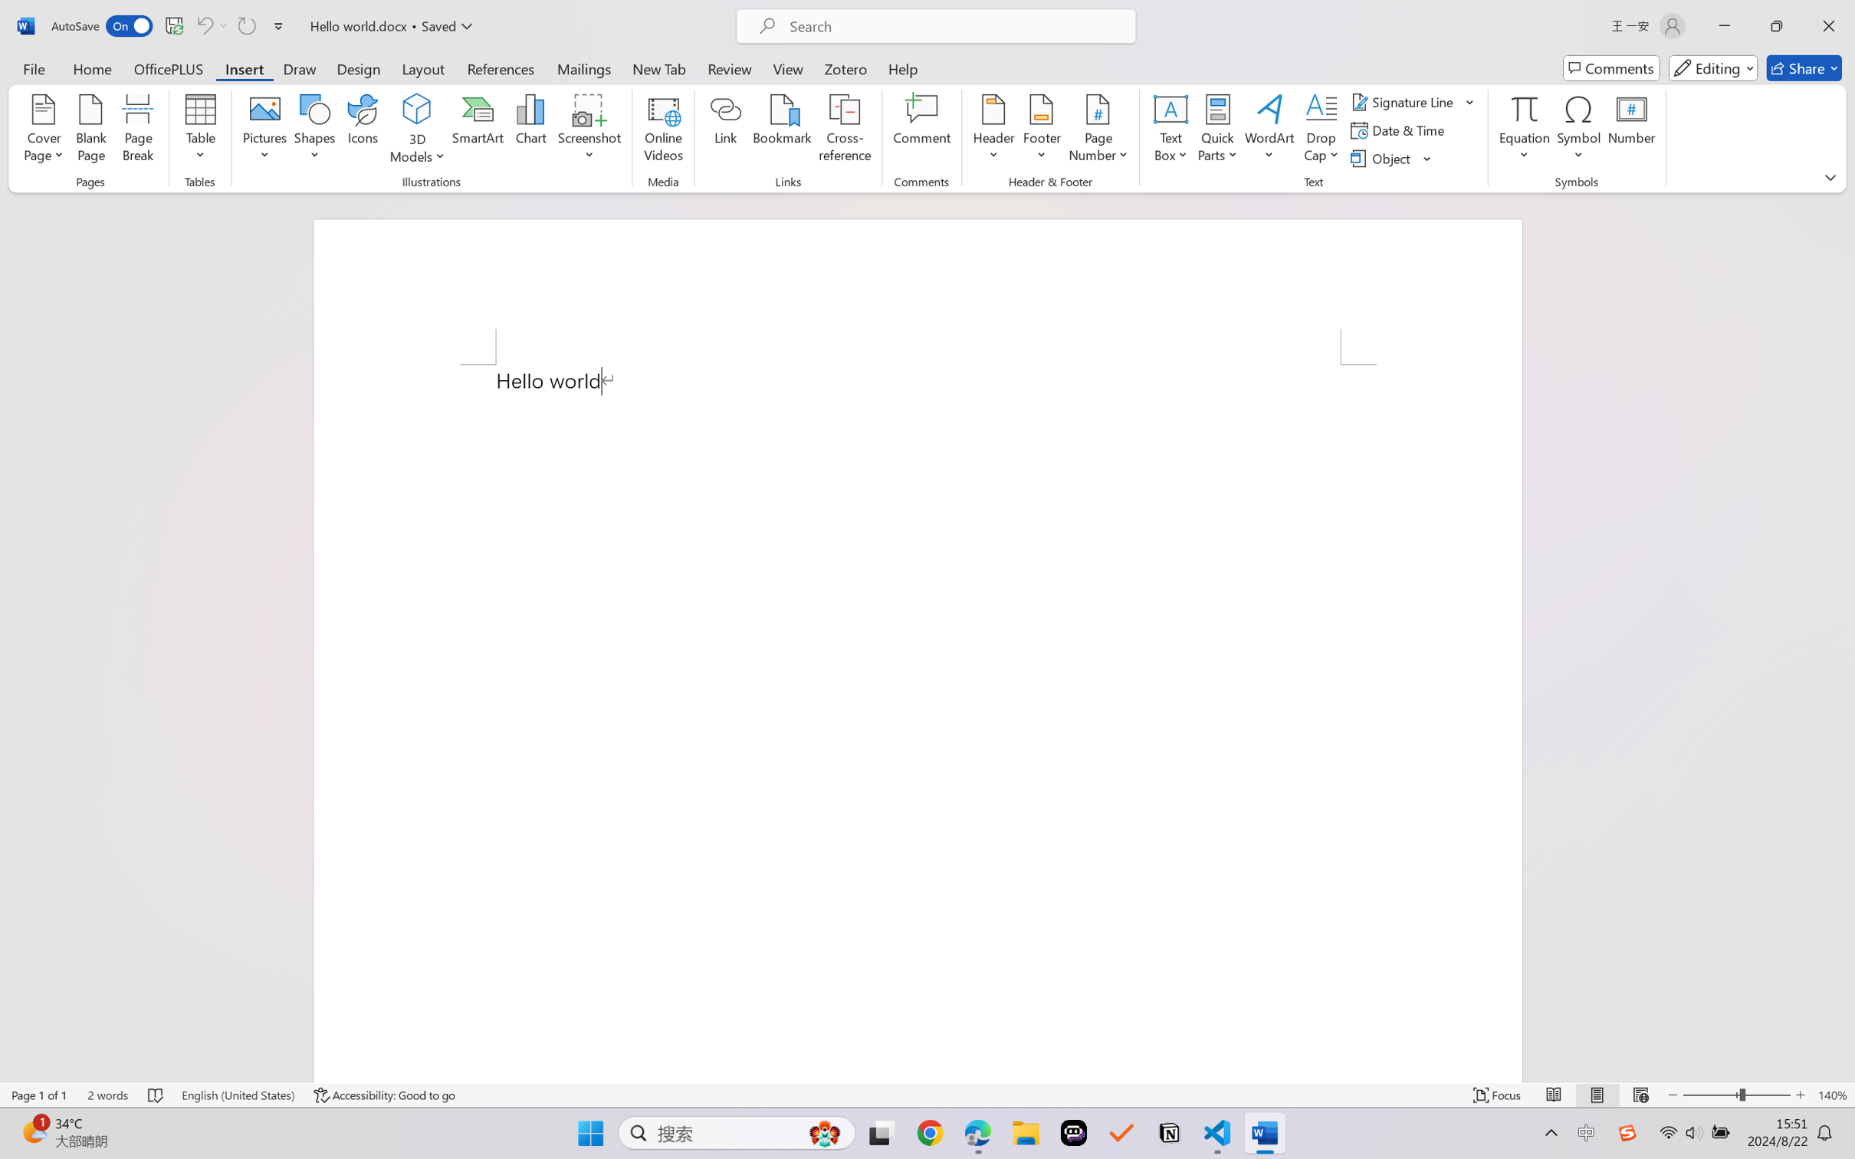 Image resolution: width=1855 pixels, height=1159 pixels. What do you see at coordinates (589, 130) in the screenshot?
I see `'Screenshot'` at bounding box center [589, 130].